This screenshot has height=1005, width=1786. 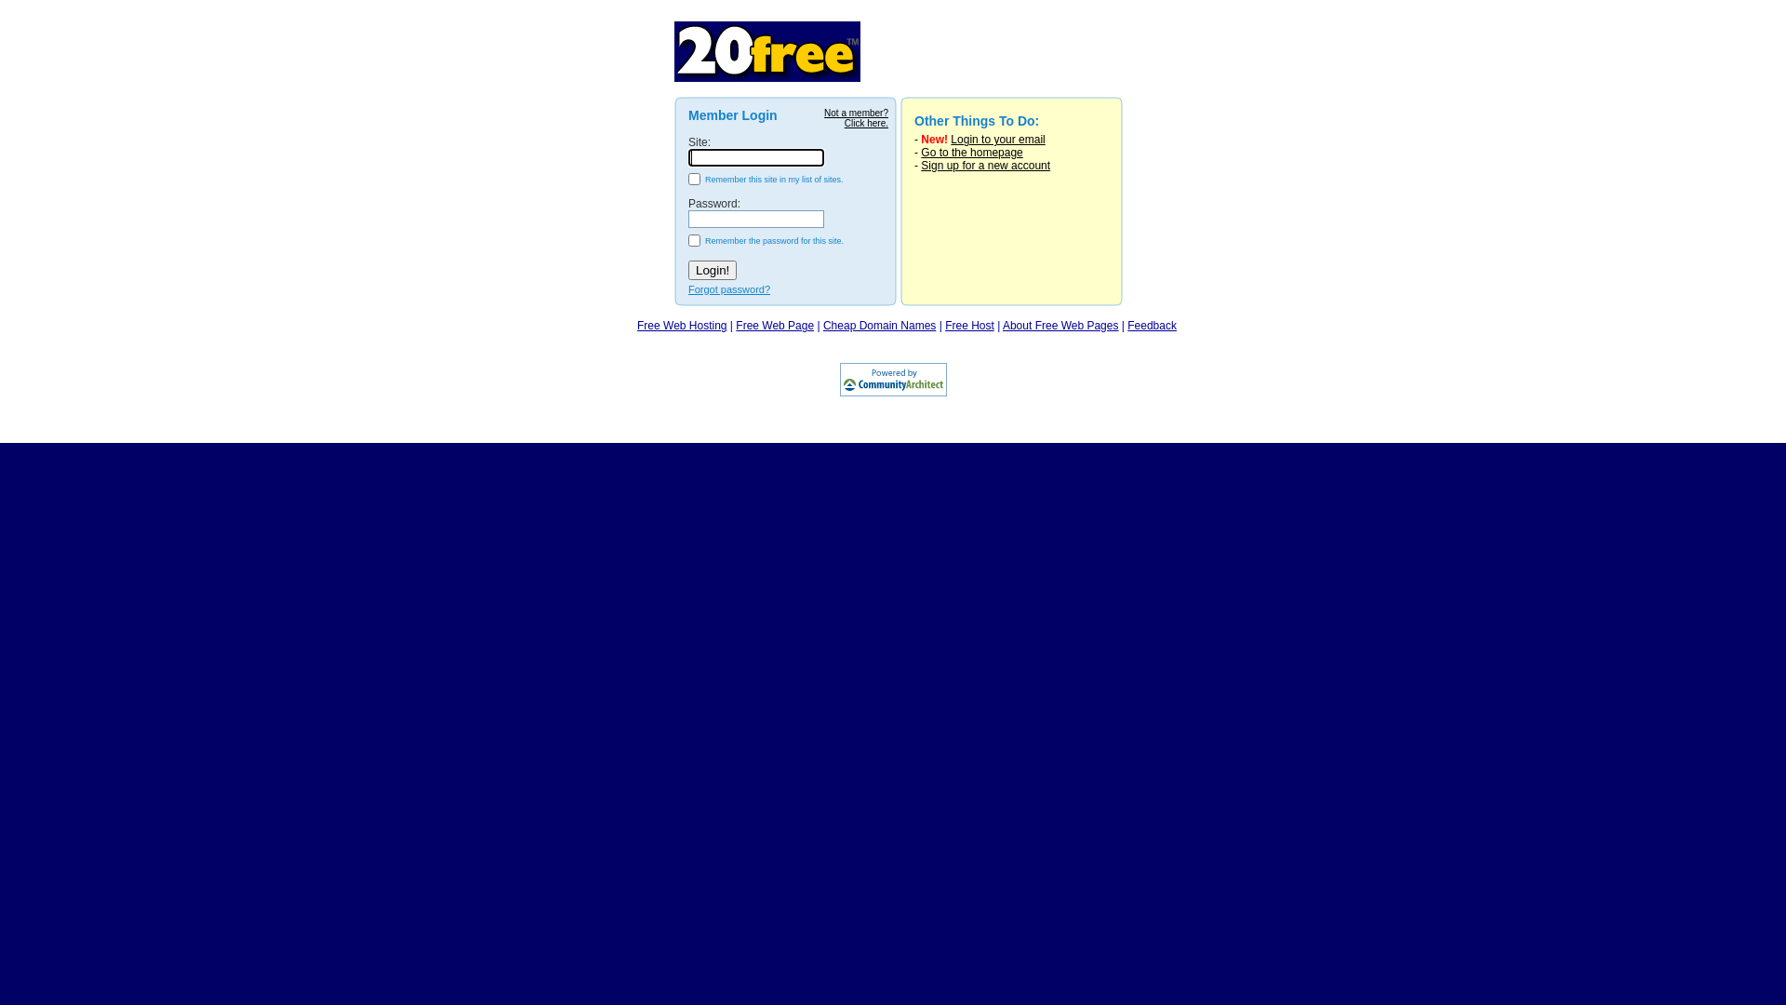 What do you see at coordinates (855, 118) in the screenshot?
I see `'Not a member?` at bounding box center [855, 118].